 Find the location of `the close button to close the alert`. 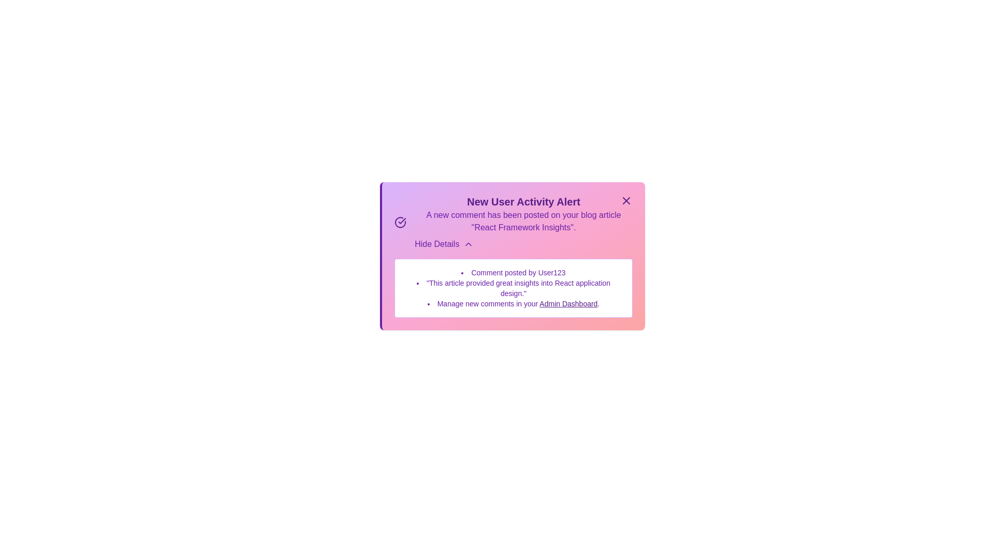

the close button to close the alert is located at coordinates (625, 201).